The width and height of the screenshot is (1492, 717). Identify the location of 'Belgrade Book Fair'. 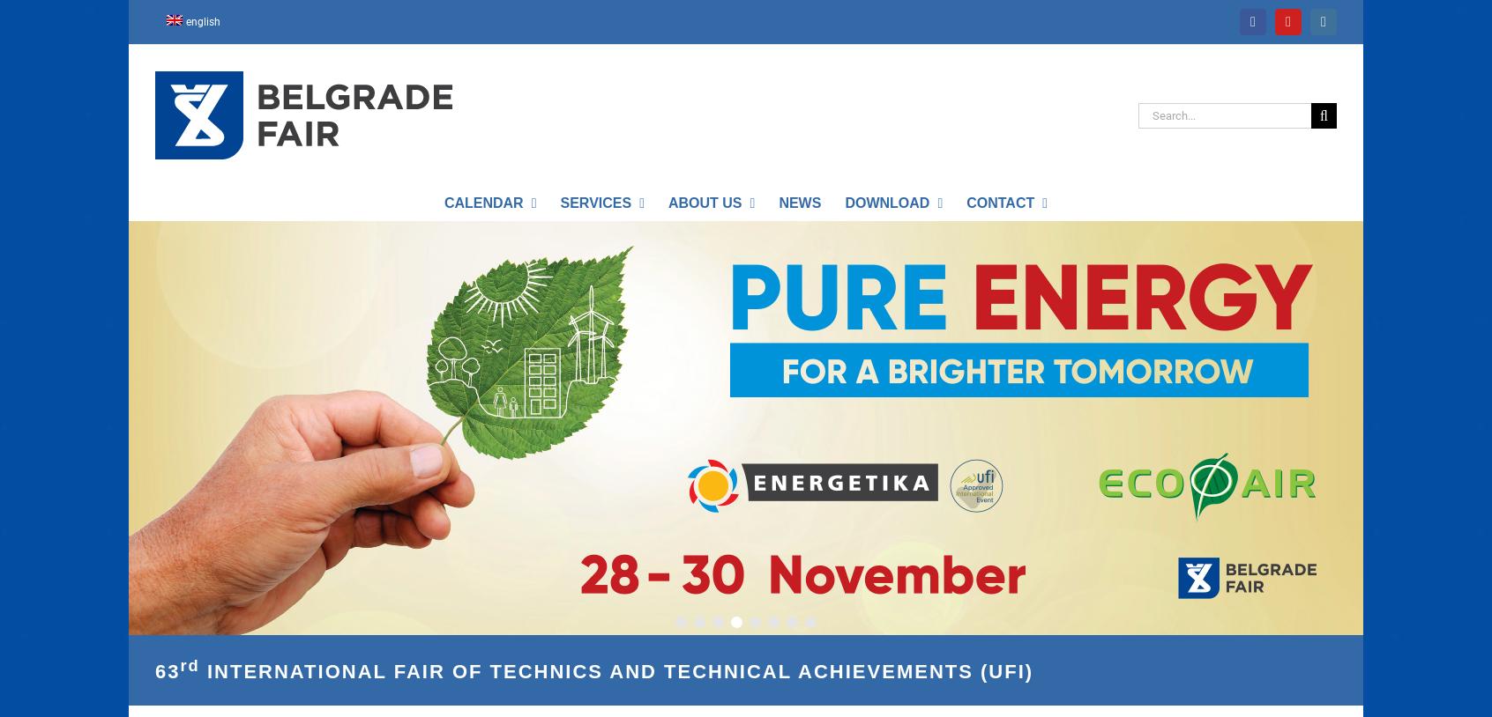
(680, 586).